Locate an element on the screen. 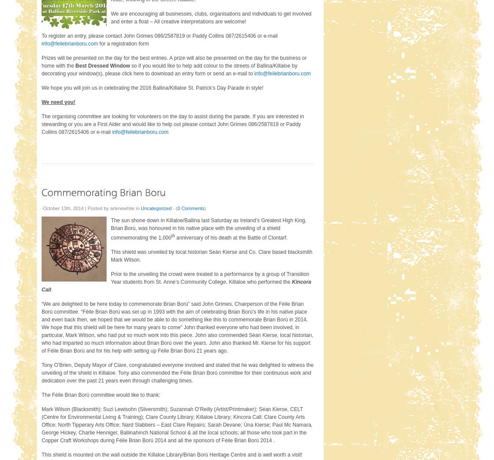 This screenshot has height=460, width=494. '0 Comments' is located at coordinates (177, 207).